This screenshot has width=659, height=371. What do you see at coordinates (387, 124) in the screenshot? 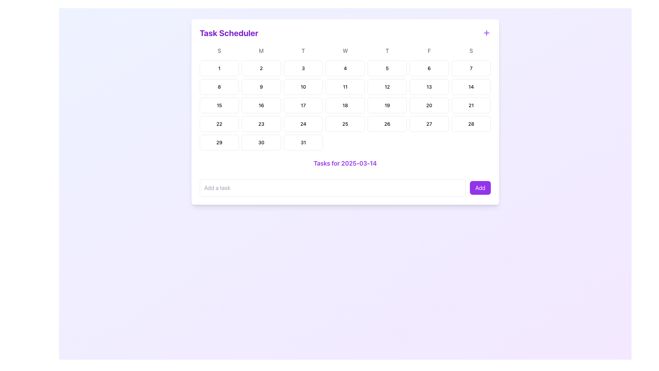
I see `the calendar button representing the date '26' by` at bounding box center [387, 124].